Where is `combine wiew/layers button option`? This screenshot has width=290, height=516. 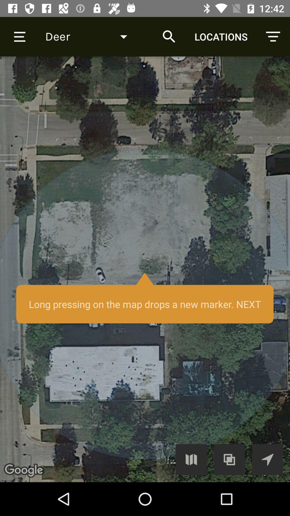 combine wiew/layers button option is located at coordinates (229, 459).